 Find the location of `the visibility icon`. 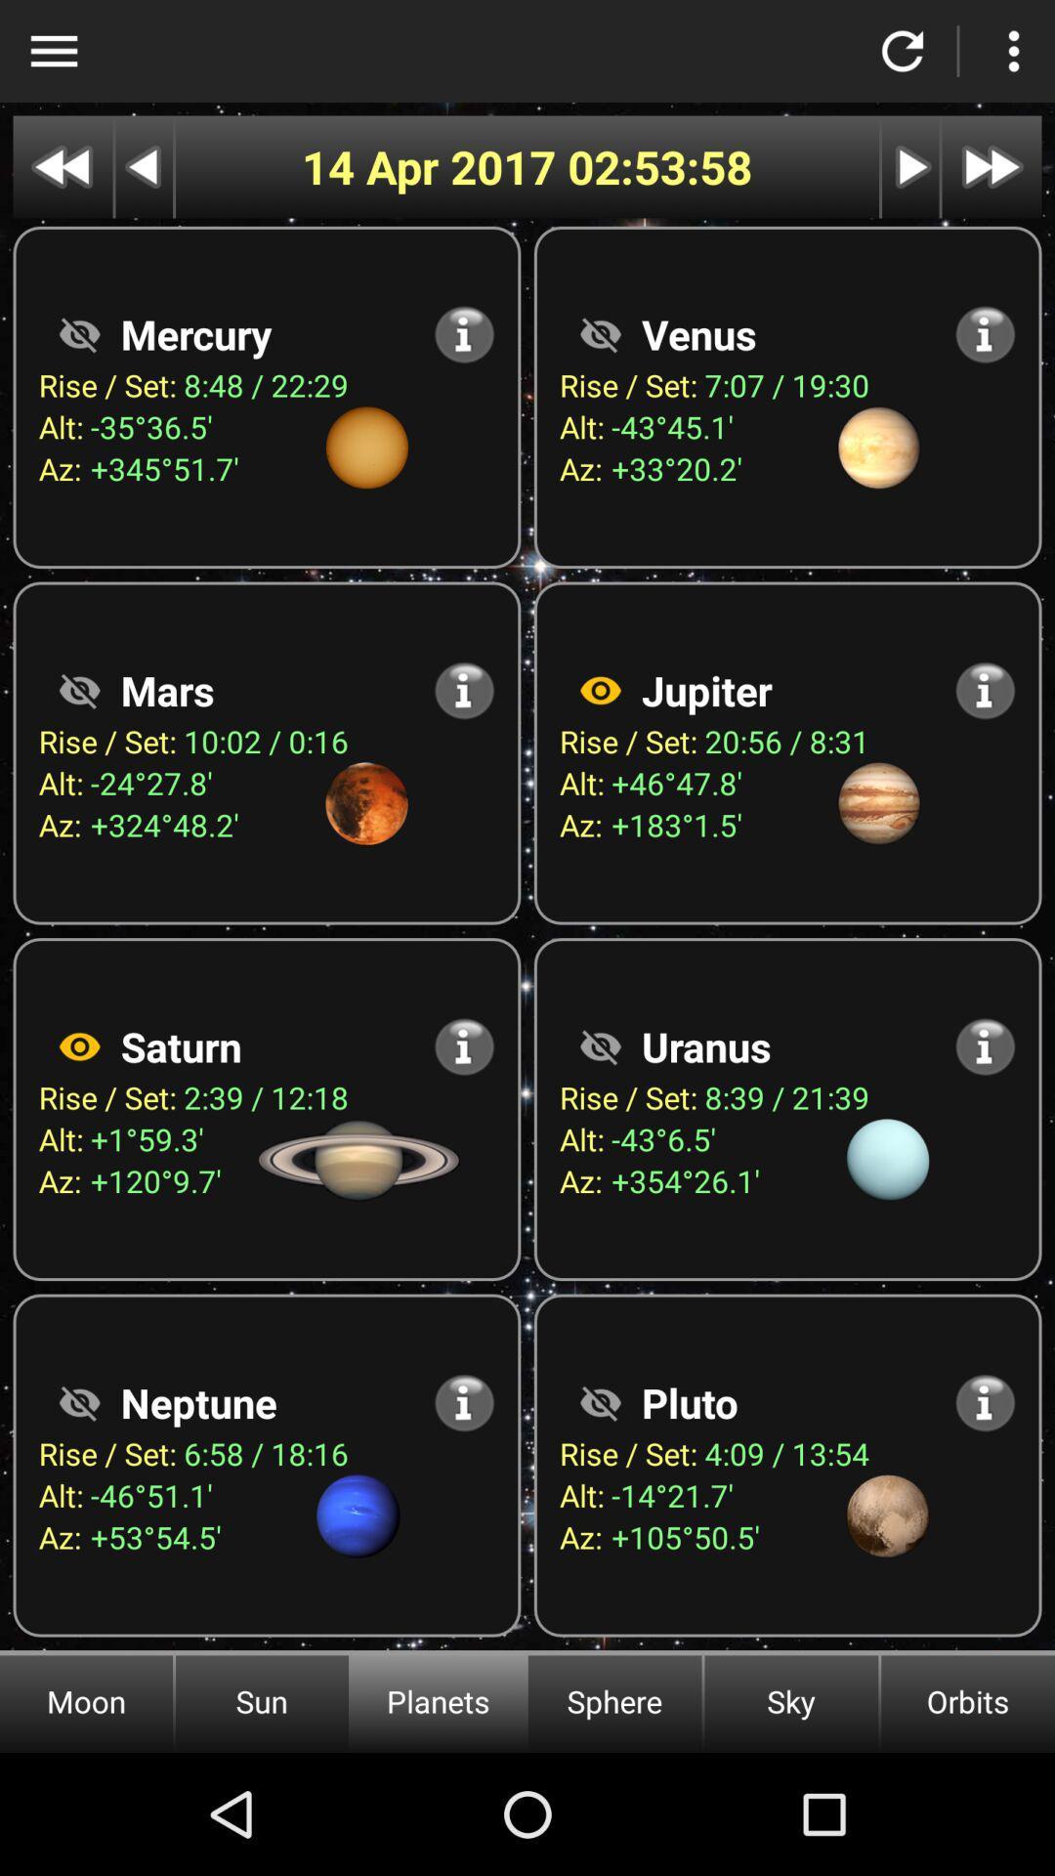

the visibility icon is located at coordinates (78, 1401).